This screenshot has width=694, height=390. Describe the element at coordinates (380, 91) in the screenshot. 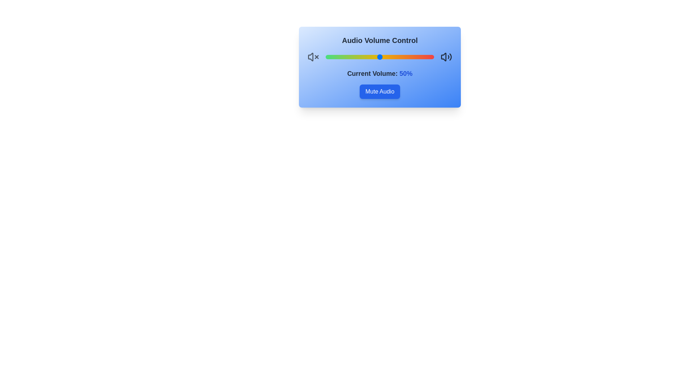

I see `mute button to toggle the mute state` at that location.